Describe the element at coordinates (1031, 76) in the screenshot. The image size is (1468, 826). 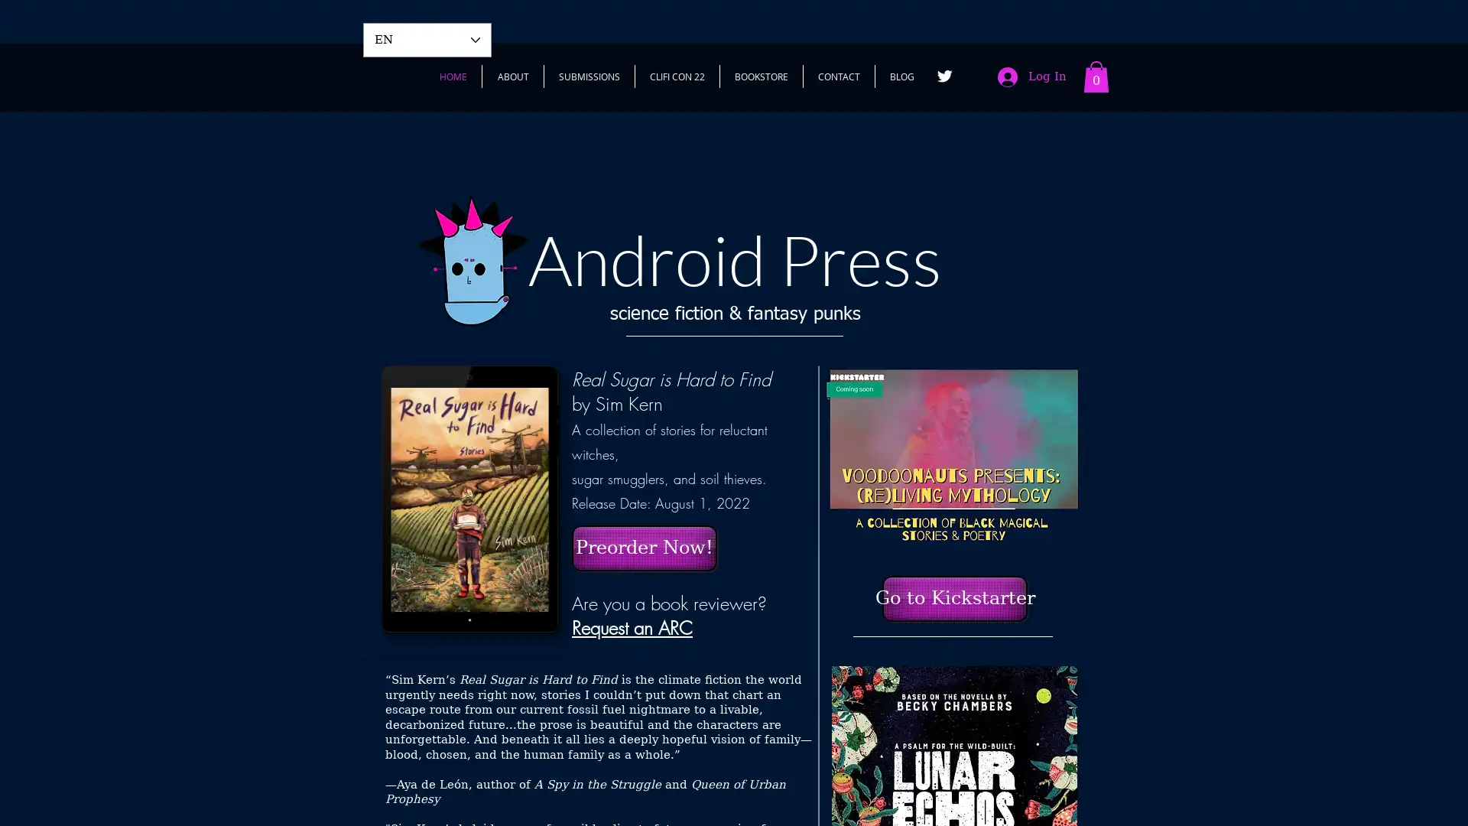
I see `Log In` at that location.